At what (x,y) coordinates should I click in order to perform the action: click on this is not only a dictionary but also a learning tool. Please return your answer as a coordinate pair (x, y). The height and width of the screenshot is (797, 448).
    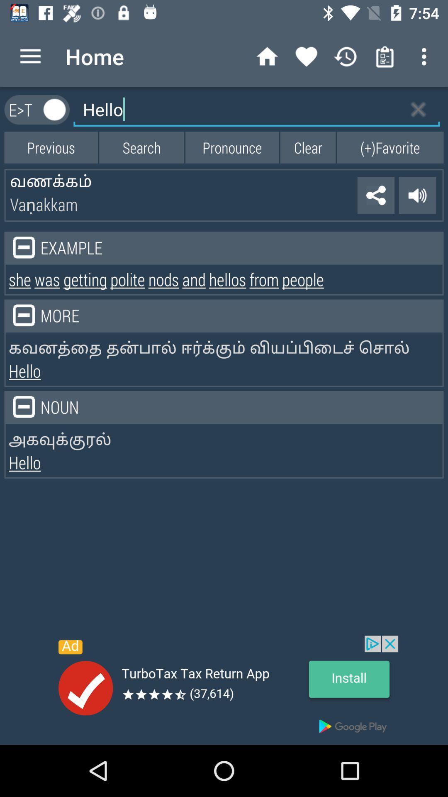
    Looking at the image, I should click on (55, 109).